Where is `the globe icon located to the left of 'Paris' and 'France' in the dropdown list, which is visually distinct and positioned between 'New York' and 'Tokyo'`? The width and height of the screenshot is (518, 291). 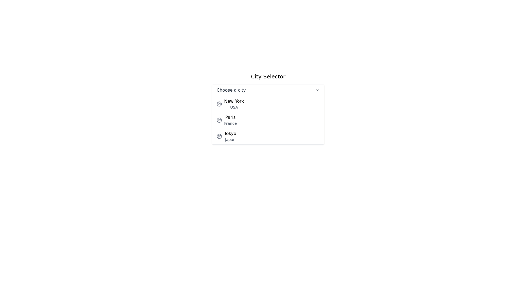
the globe icon located to the left of 'Paris' and 'France' in the dropdown list, which is visually distinct and positioned between 'New York' and 'Tokyo' is located at coordinates (219, 120).